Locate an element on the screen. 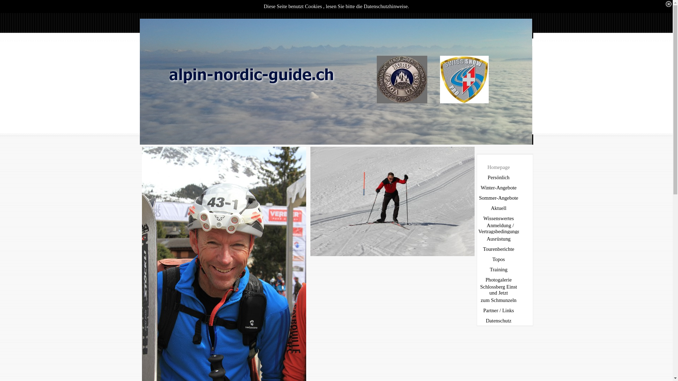  'Wissenswertes' is located at coordinates (499, 218).